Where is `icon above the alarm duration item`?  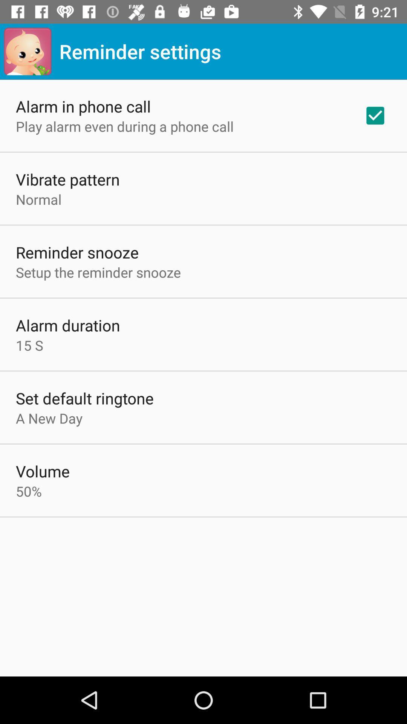 icon above the alarm duration item is located at coordinates (98, 272).